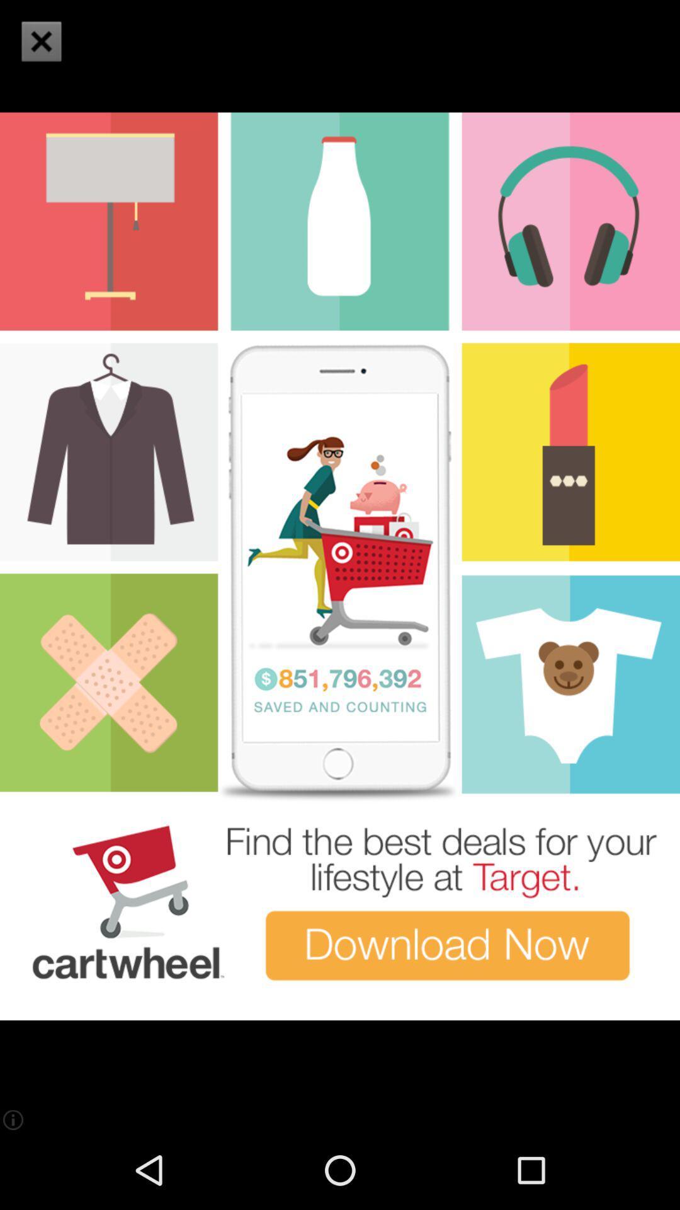 This screenshot has width=680, height=1210. What do you see at coordinates (40, 44) in the screenshot?
I see `the close icon` at bounding box center [40, 44].